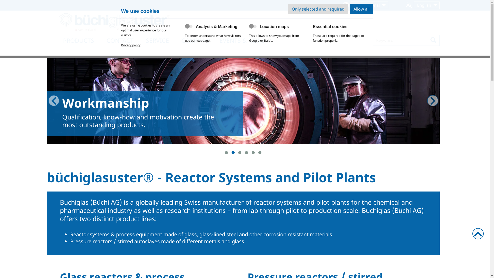  Describe the element at coordinates (427, 5) in the screenshot. I see `'English'` at that location.